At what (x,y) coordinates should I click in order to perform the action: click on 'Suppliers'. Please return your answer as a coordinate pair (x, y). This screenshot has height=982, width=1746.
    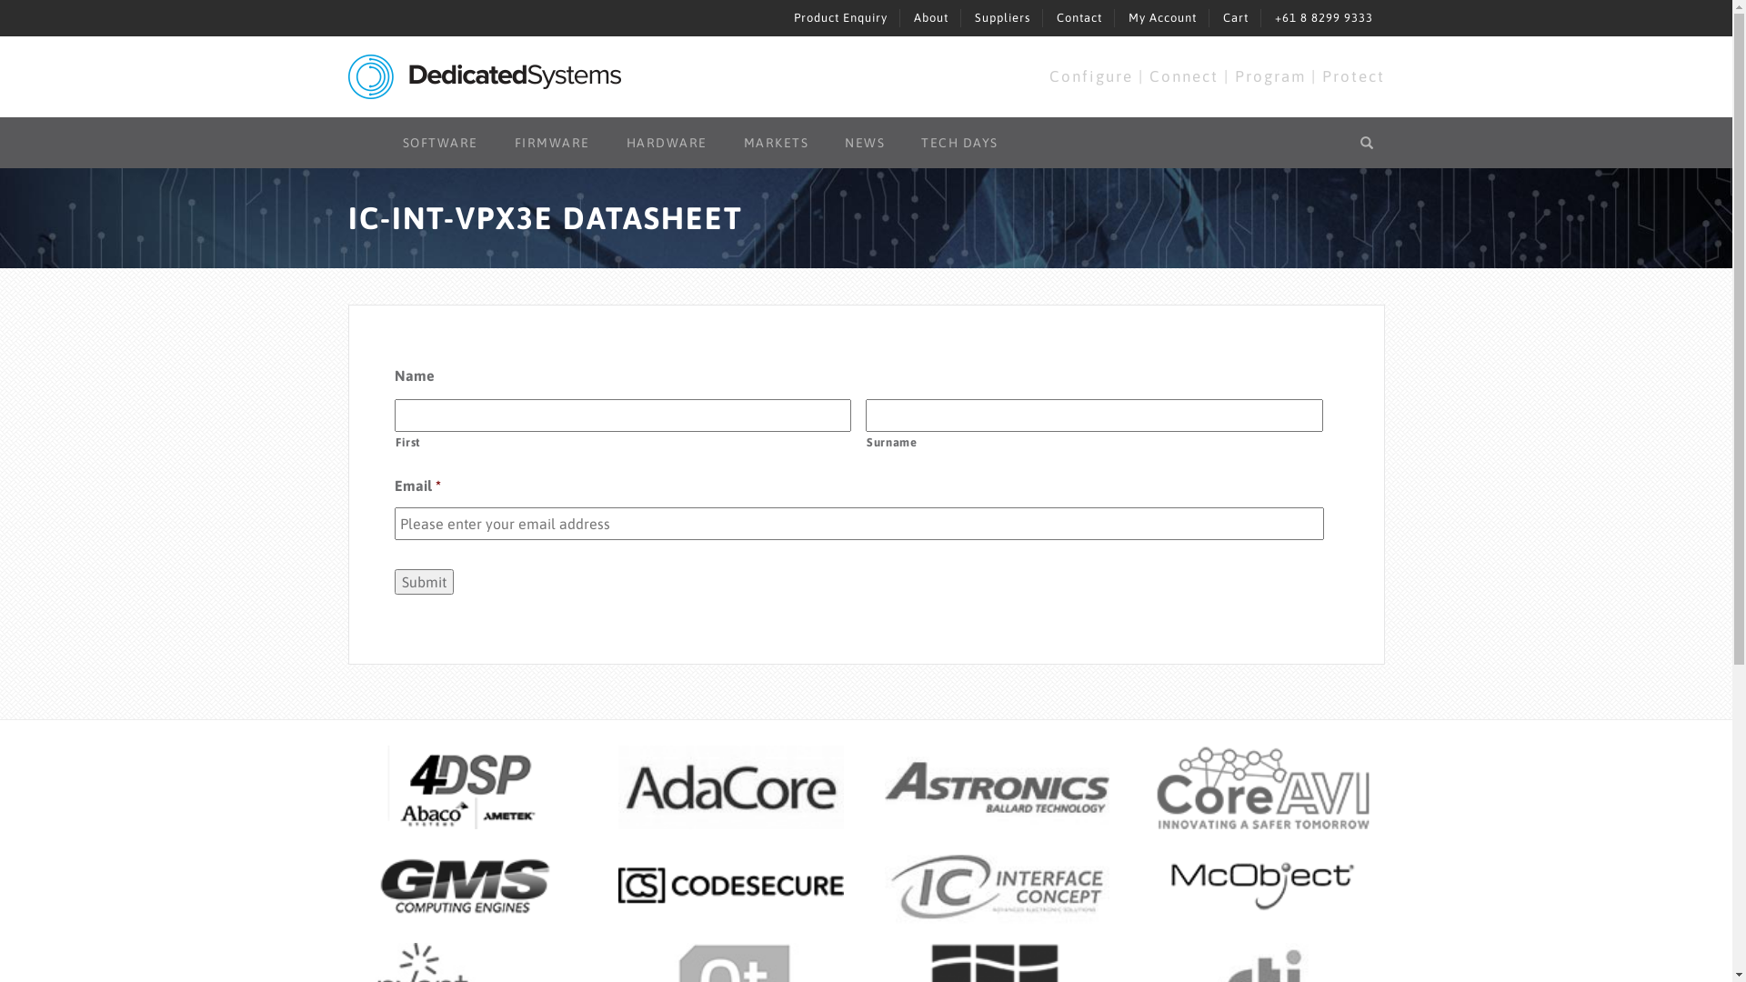
    Looking at the image, I should click on (1001, 17).